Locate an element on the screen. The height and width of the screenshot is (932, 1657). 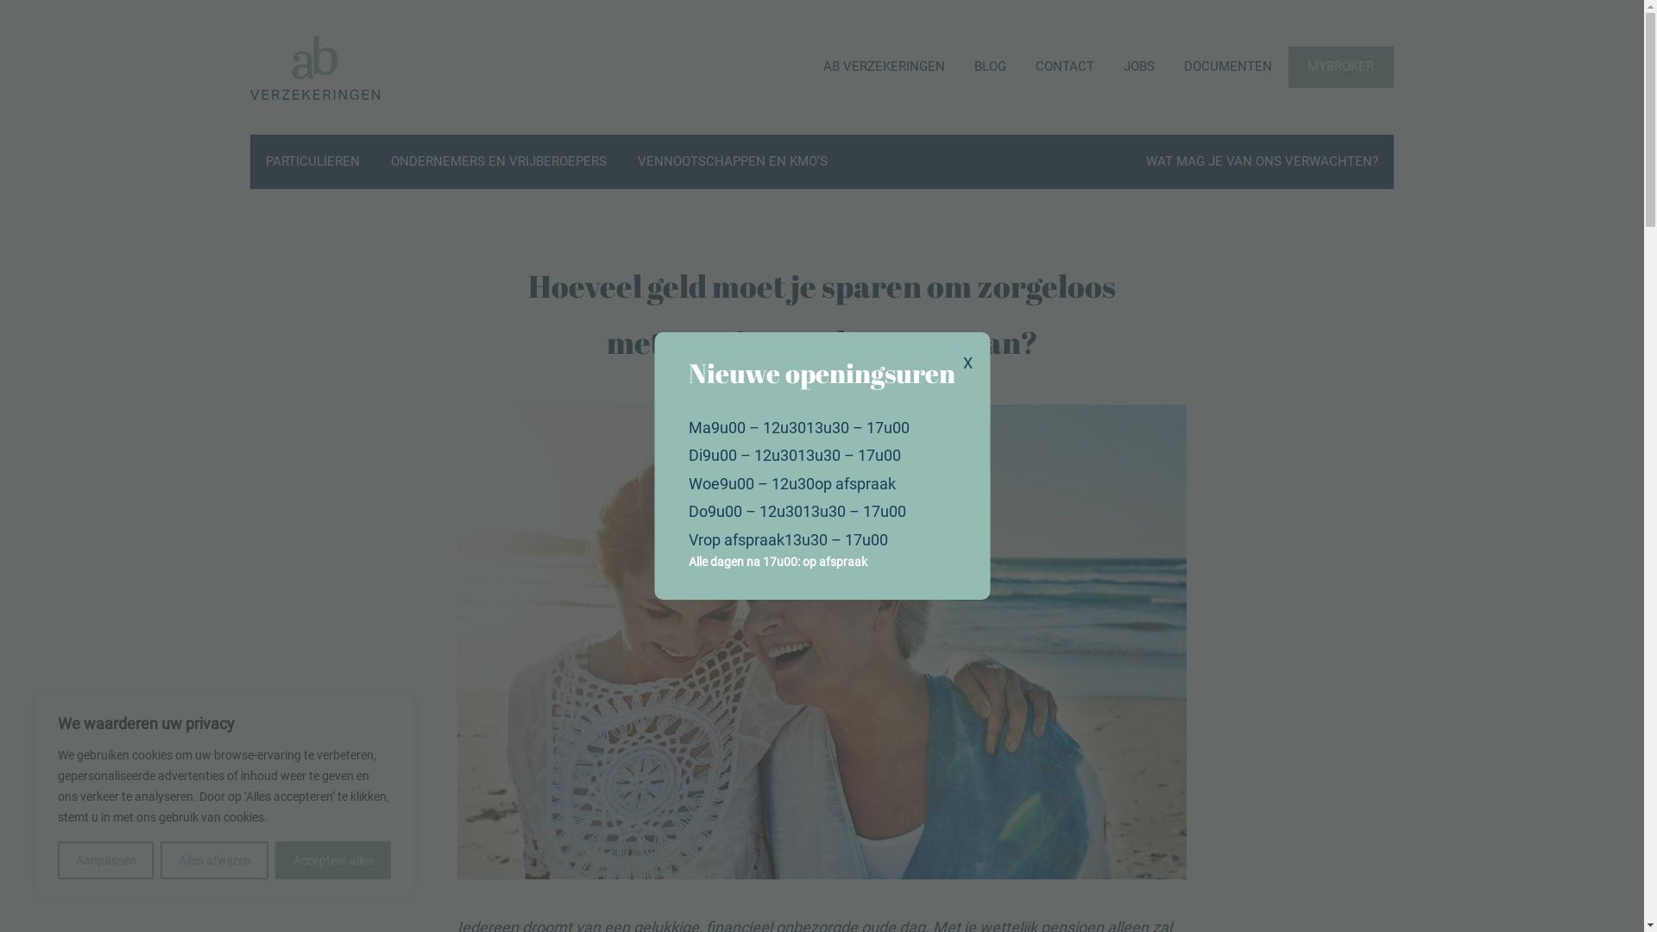
'AB VERZEKERINGEN' is located at coordinates (884, 66).